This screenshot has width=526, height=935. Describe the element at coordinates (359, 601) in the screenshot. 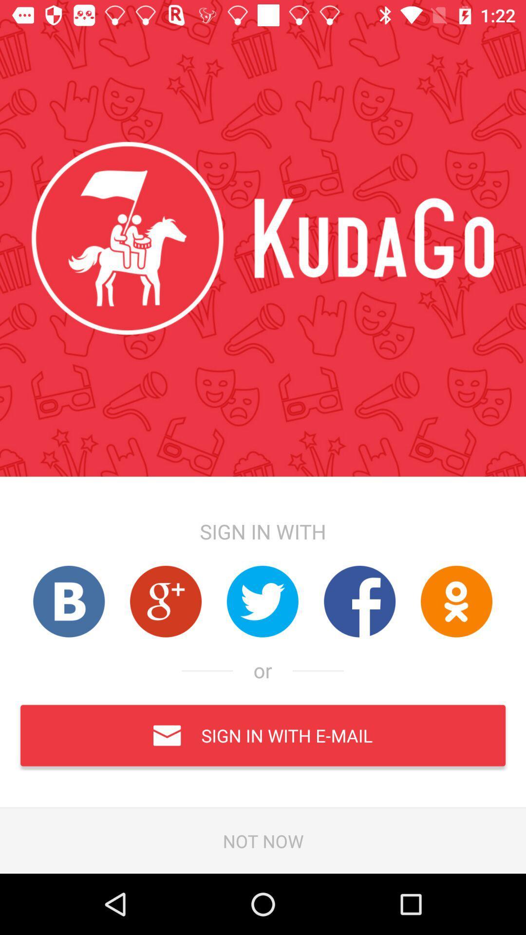

I see `facebook` at that location.